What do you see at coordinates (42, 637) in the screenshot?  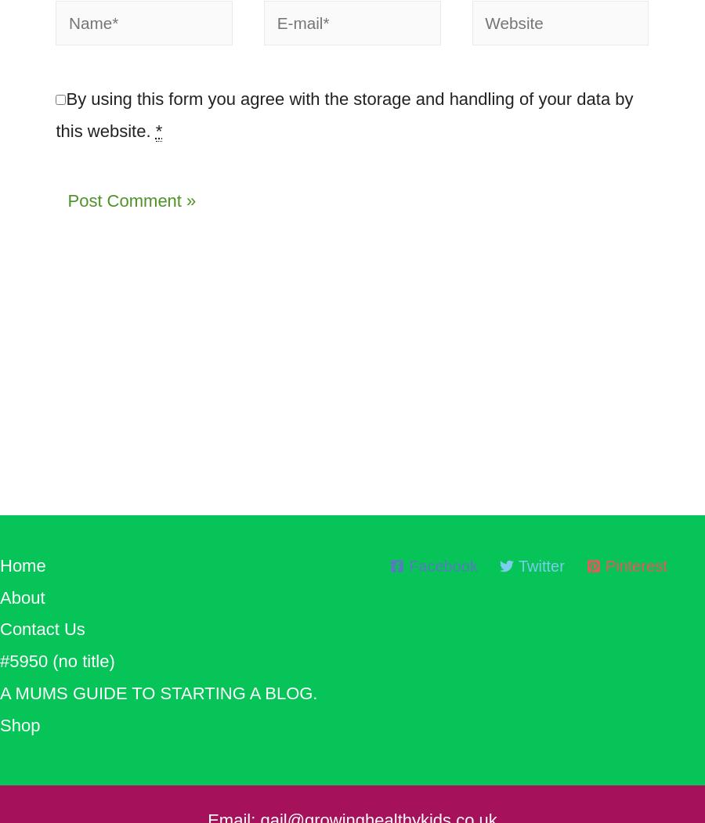 I see `'Contact Us'` at bounding box center [42, 637].